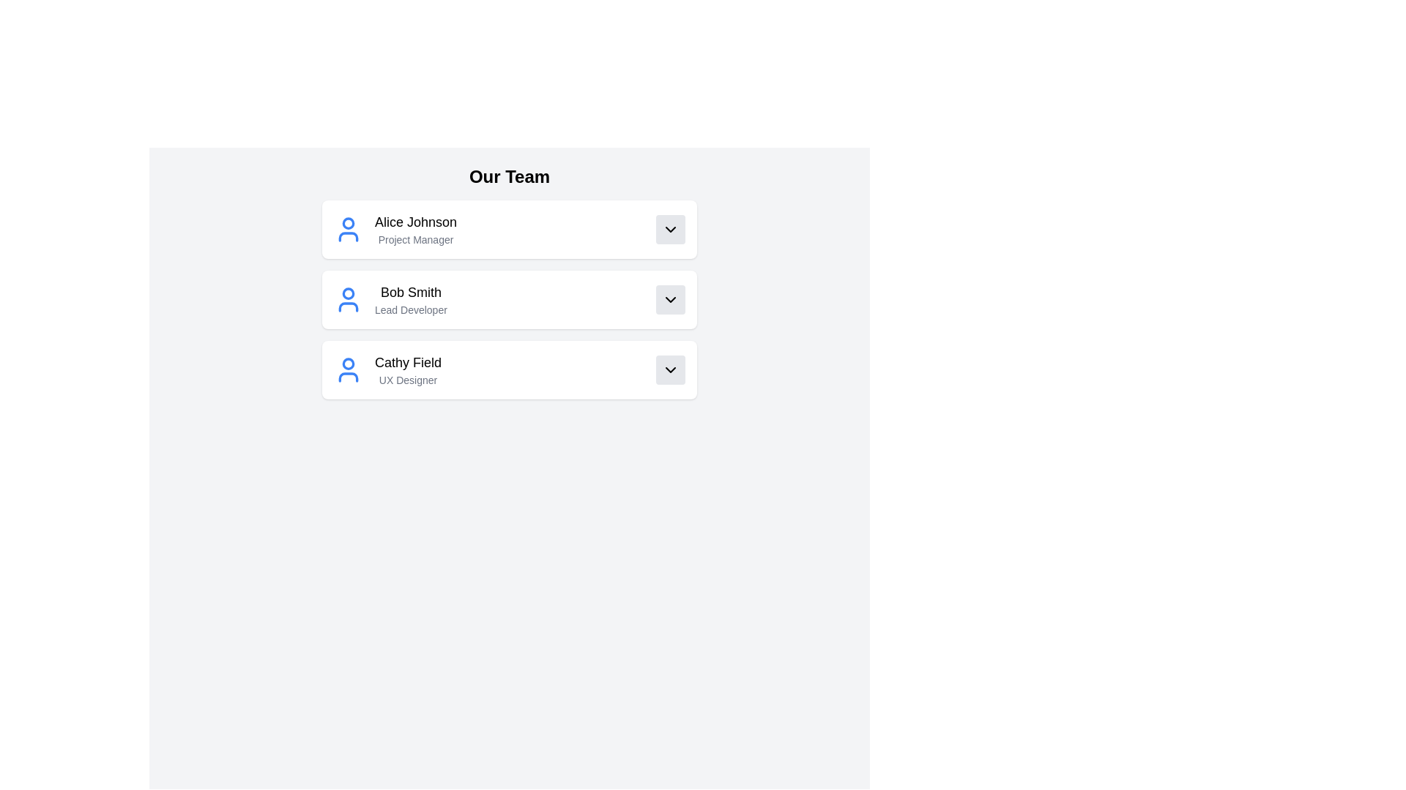 The image size is (1406, 790). Describe the element at coordinates (415, 229) in the screenshot. I see `text label displaying 'Alice Johnson' and 'Project Manager' located in the first row under 'Our Team', centered horizontally within the white card` at that location.